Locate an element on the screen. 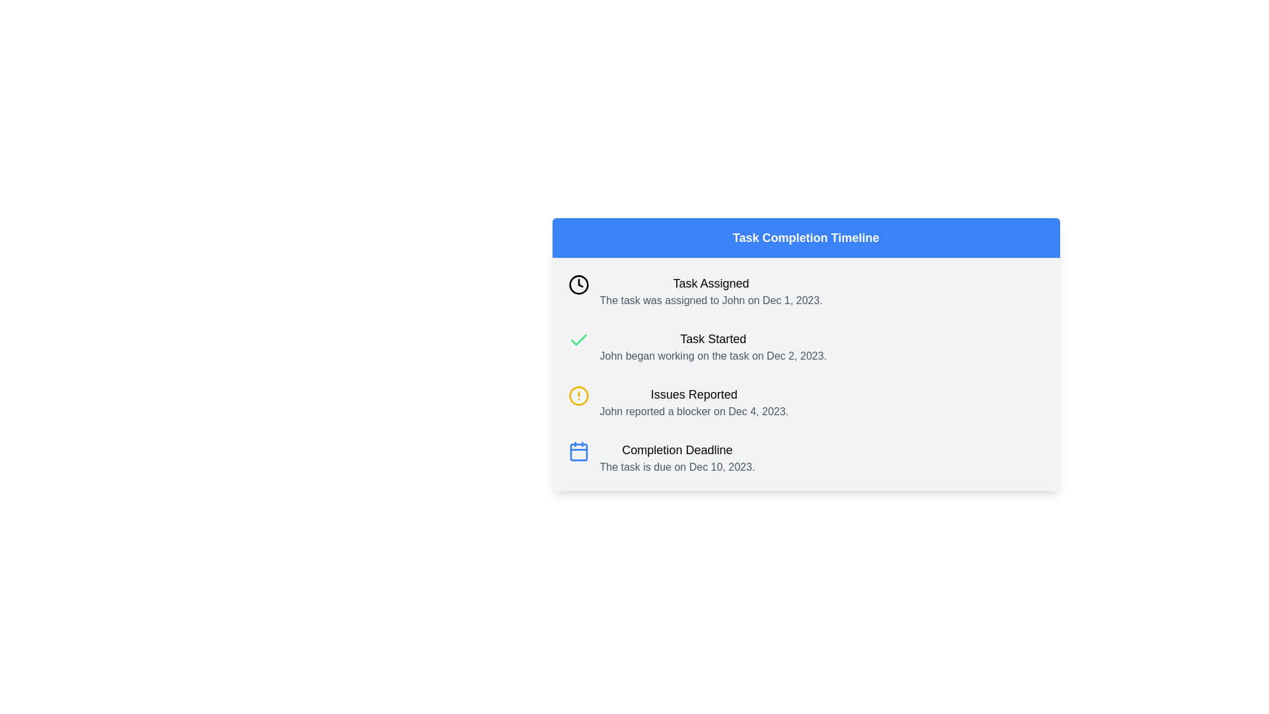 The height and width of the screenshot is (714, 1269). the third informative list item displaying information about an issue reported by John on December 4, 2023, within the 'Task Completion Timeline' section is located at coordinates (805, 402).